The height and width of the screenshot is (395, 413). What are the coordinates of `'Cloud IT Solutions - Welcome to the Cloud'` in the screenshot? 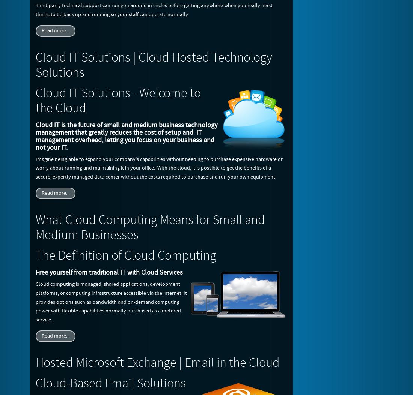 It's located at (118, 100).